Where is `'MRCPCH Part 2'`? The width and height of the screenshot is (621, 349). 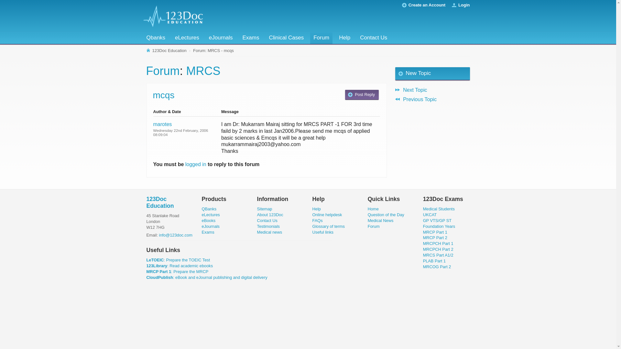 'MRCPCH Part 2' is located at coordinates (438, 249).